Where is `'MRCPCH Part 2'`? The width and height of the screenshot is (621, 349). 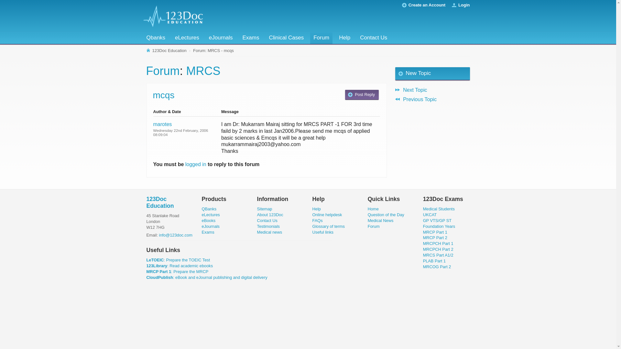 'MRCPCH Part 2' is located at coordinates (438, 249).